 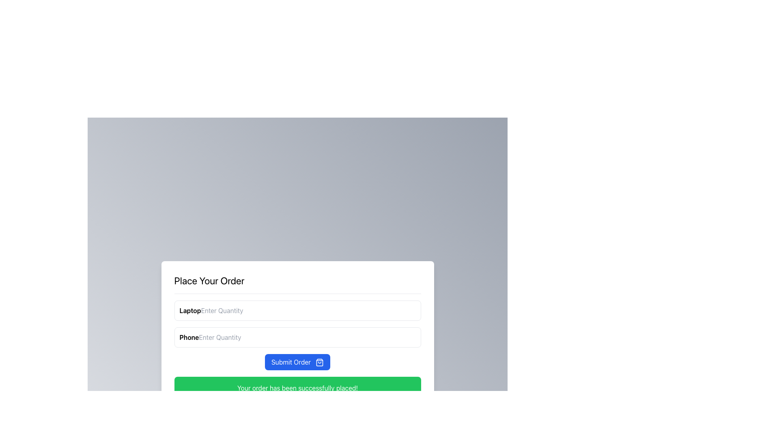 What do you see at coordinates (209, 280) in the screenshot?
I see `attention on the 'Place Your Order' text header to prompt the user to fill in the subsequent fields` at bounding box center [209, 280].